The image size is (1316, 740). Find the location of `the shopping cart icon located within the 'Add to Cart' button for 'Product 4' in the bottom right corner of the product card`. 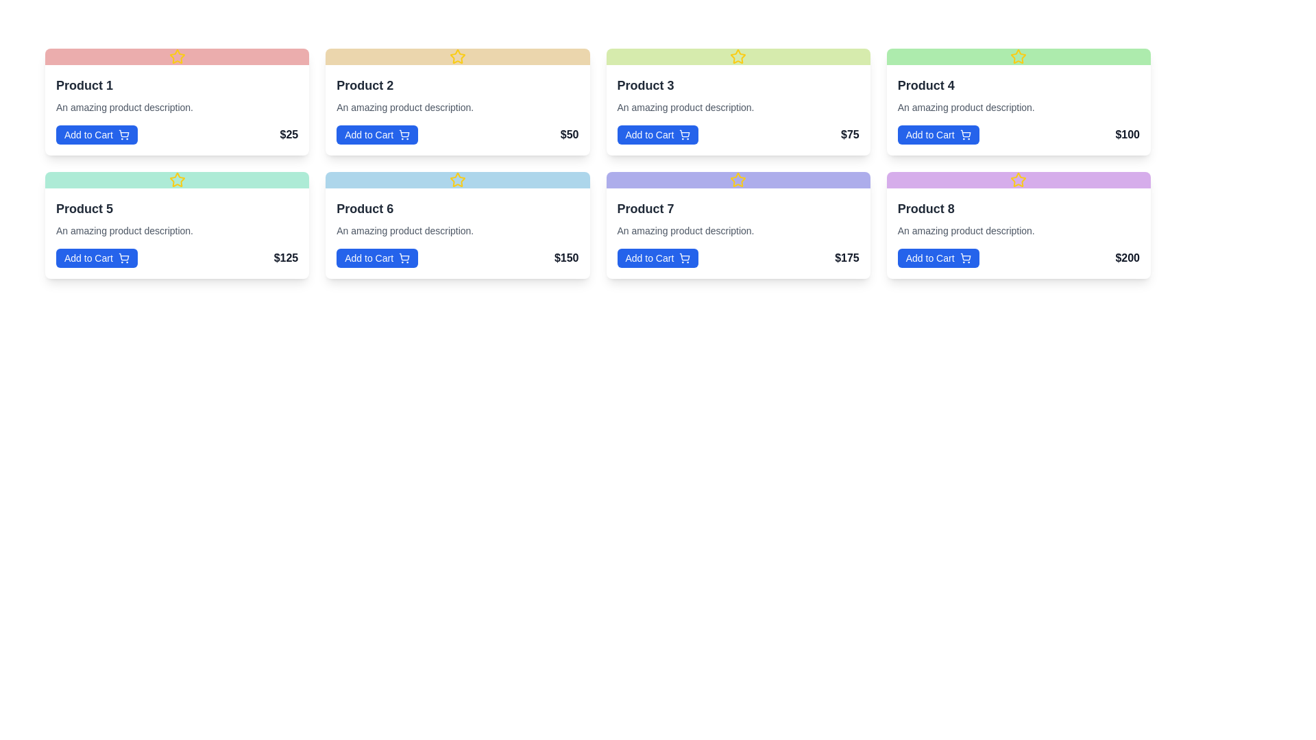

the shopping cart icon located within the 'Add to Cart' button for 'Product 4' in the bottom right corner of the product card is located at coordinates (964, 134).